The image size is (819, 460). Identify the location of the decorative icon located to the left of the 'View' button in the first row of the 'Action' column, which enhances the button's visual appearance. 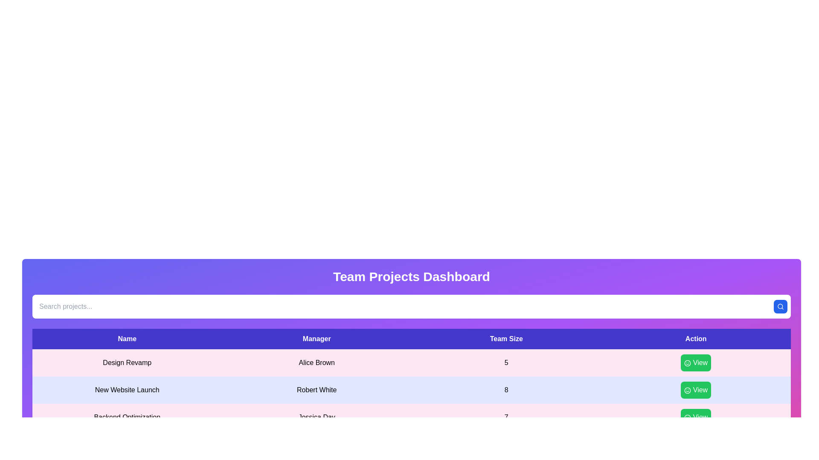
(688, 363).